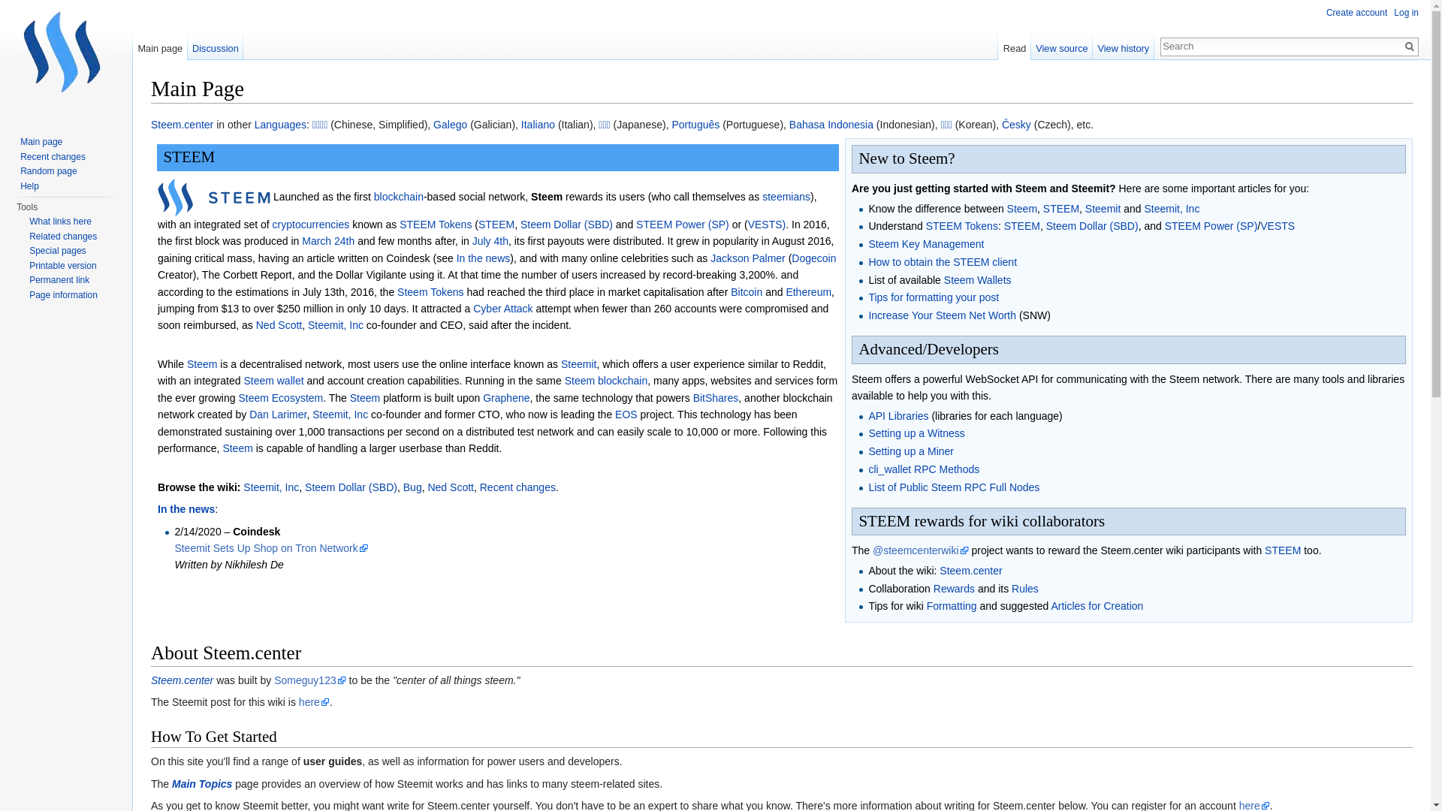 This screenshot has width=1442, height=811. I want to click on 'Steemit, Inc', so click(1171, 208).